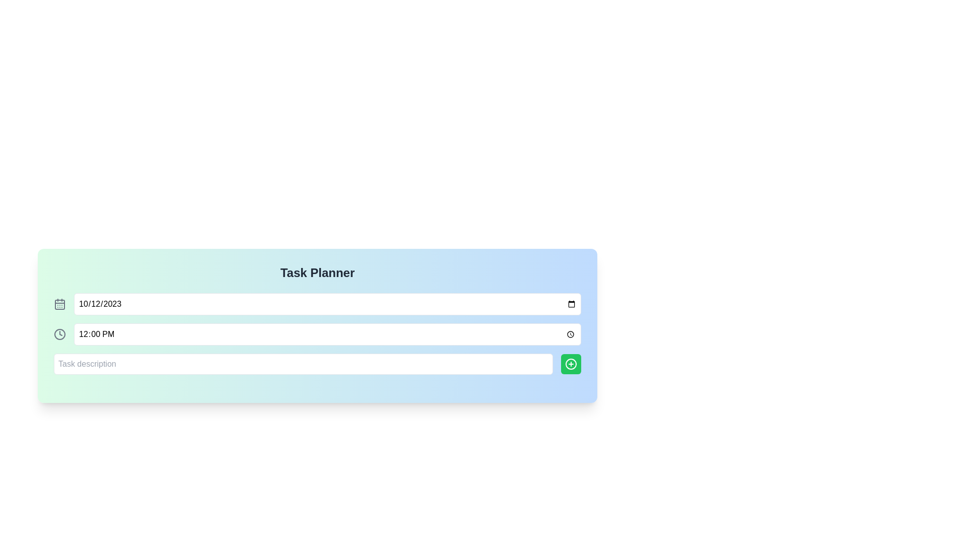 The height and width of the screenshot is (544, 967). What do you see at coordinates (571, 364) in the screenshot?
I see `the circular '+' button with a green background and white outline at the bottom-right corner of the form` at bounding box center [571, 364].